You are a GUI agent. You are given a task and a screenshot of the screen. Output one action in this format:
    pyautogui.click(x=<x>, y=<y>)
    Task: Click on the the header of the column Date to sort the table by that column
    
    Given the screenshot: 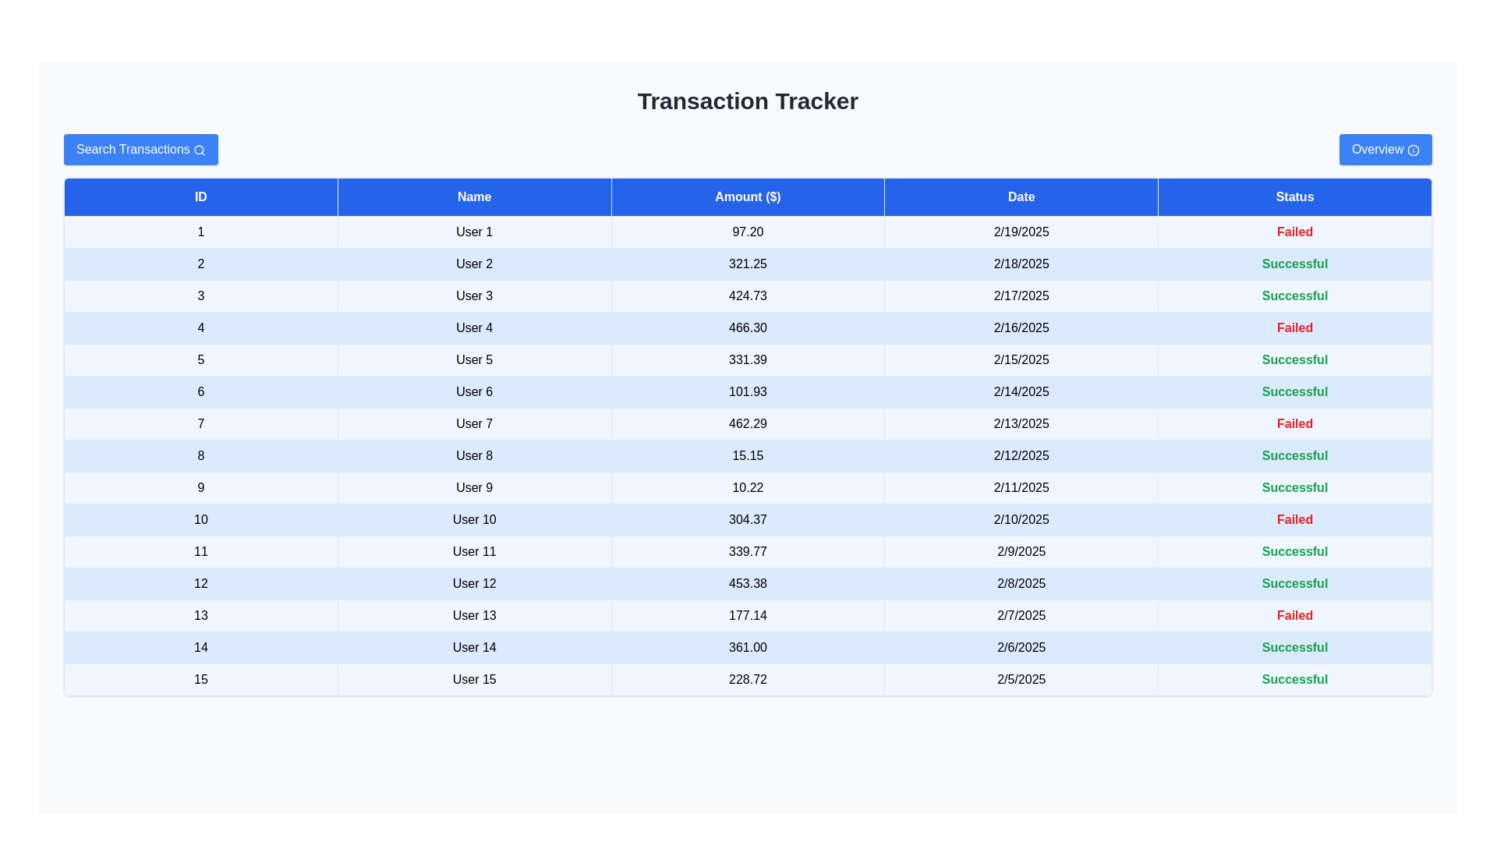 What is the action you would take?
    pyautogui.click(x=1021, y=196)
    